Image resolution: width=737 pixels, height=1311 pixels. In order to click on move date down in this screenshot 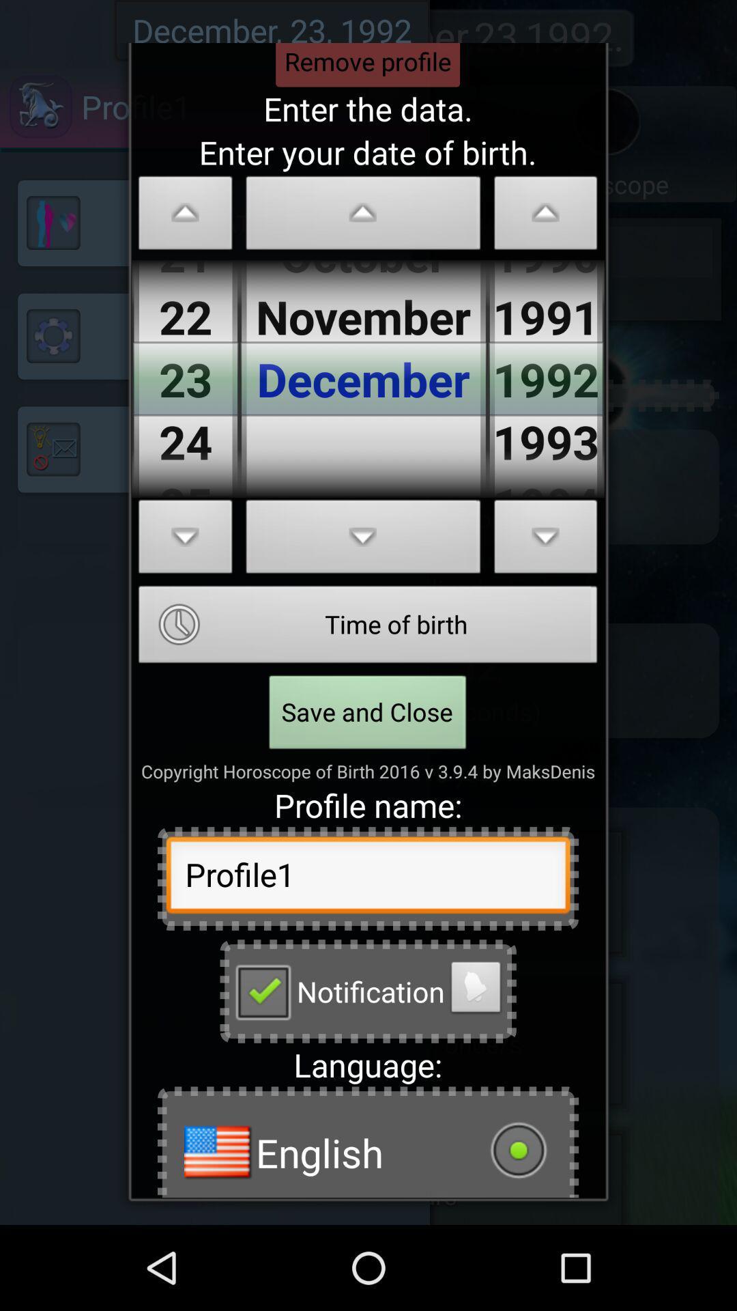, I will do `click(362, 540)`.